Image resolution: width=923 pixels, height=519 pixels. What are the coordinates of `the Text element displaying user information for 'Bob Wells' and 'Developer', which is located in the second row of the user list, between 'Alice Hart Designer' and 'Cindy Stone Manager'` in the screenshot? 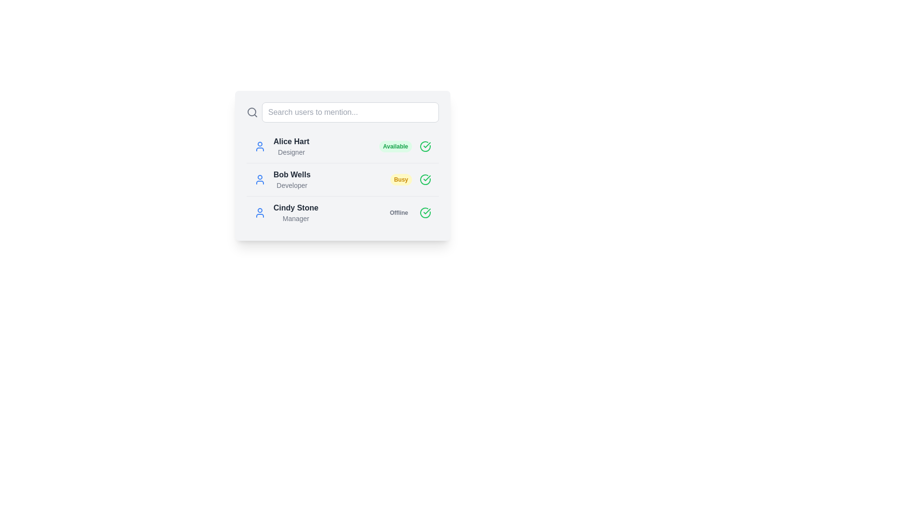 It's located at (291, 180).